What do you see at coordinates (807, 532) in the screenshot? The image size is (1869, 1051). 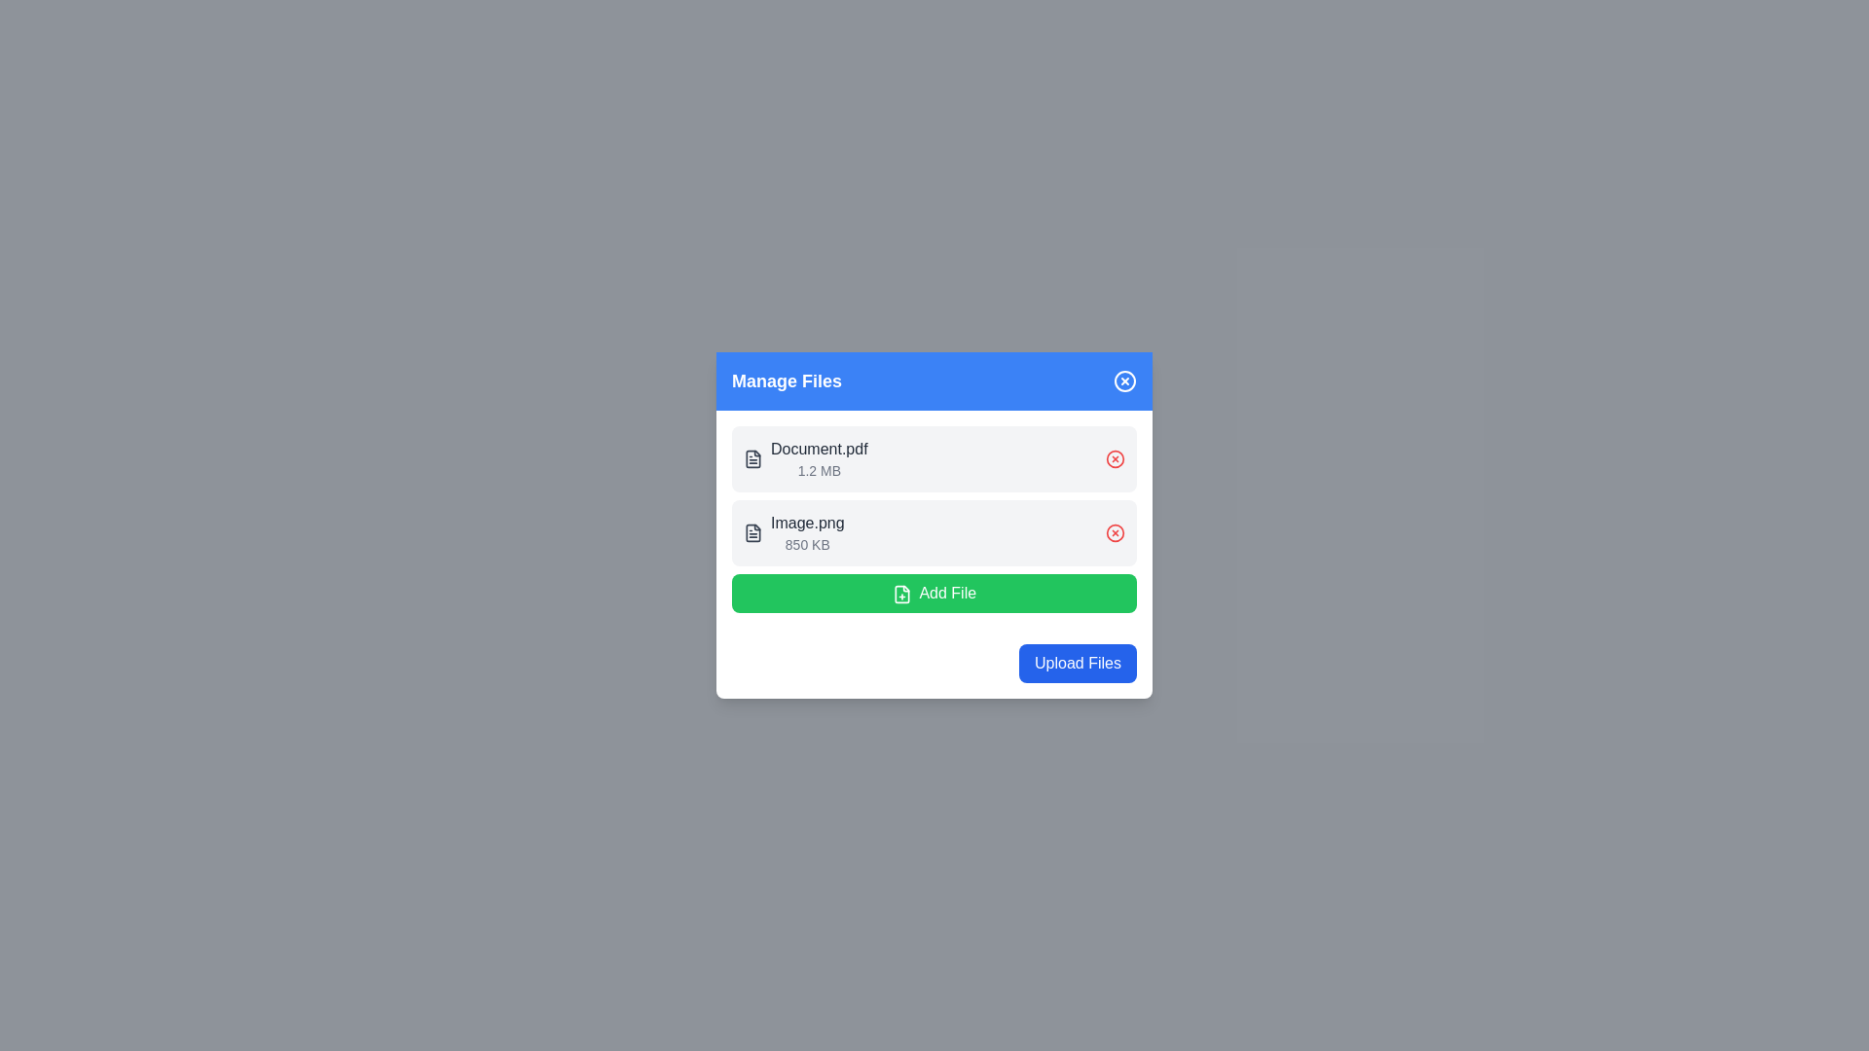 I see `the text label displaying the file name 'Image.png' located in the lower section of the file list interface` at bounding box center [807, 532].